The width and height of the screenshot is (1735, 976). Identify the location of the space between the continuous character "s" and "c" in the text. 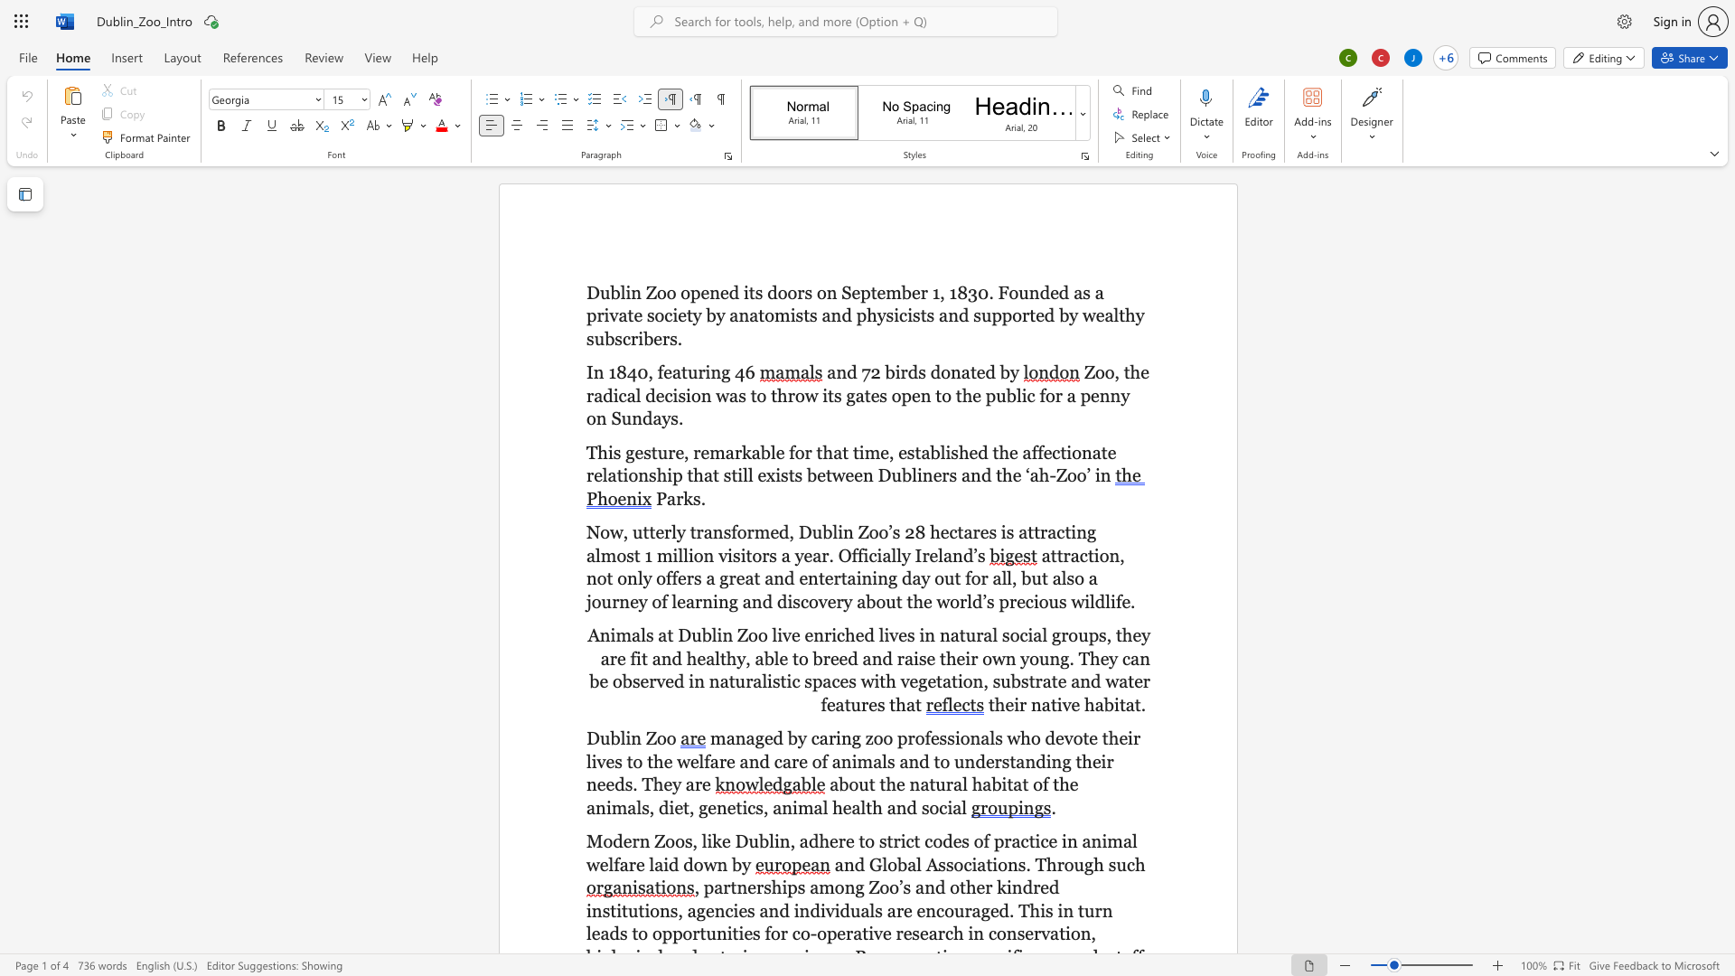
(623, 338).